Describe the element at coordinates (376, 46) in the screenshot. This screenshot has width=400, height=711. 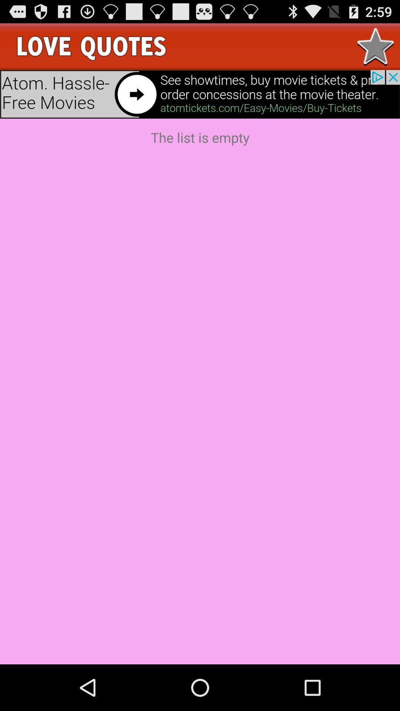
I see `favorite` at that location.